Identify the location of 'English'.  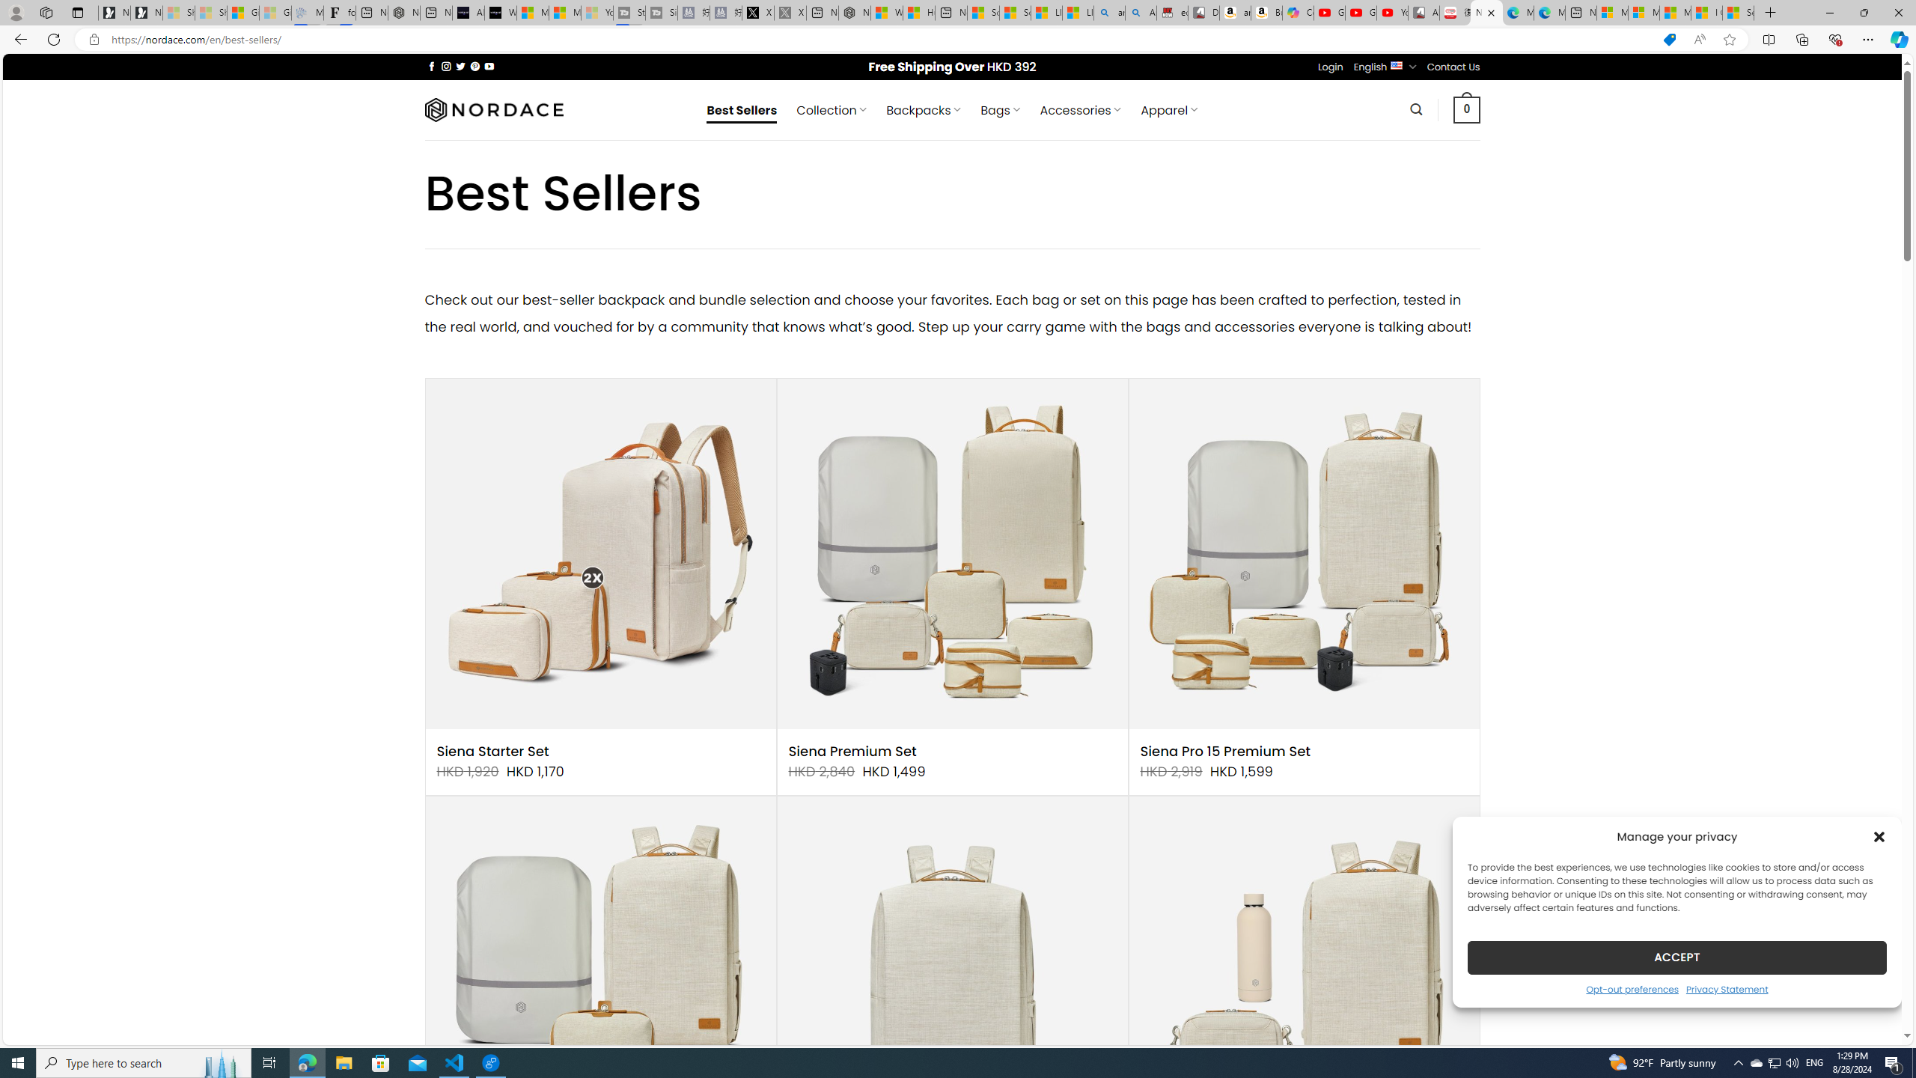
(1397, 65).